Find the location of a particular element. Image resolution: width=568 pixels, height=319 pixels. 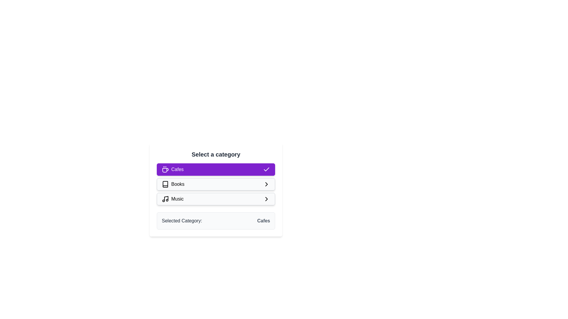

the right-pointing chevron-shaped icon next to the 'Music' category is located at coordinates (266, 199).